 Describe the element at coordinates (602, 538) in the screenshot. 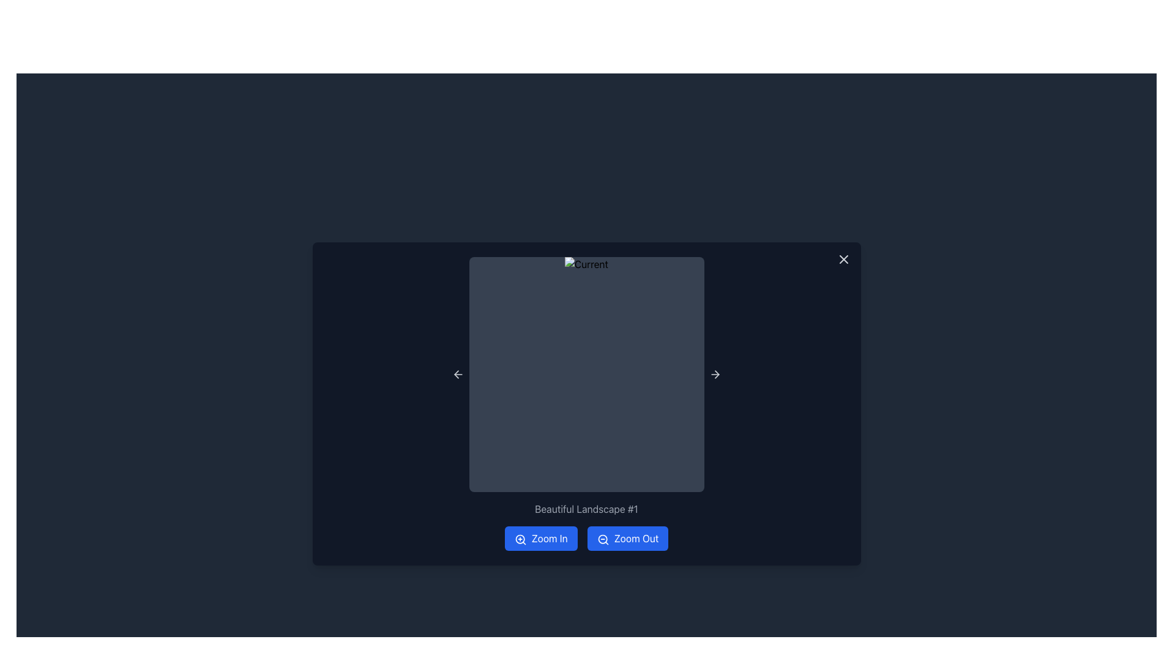

I see `the circular 'Zoom Out' icon located at the bottom-right of the modal window, which features a magnifying glass with a minus symbol` at that location.